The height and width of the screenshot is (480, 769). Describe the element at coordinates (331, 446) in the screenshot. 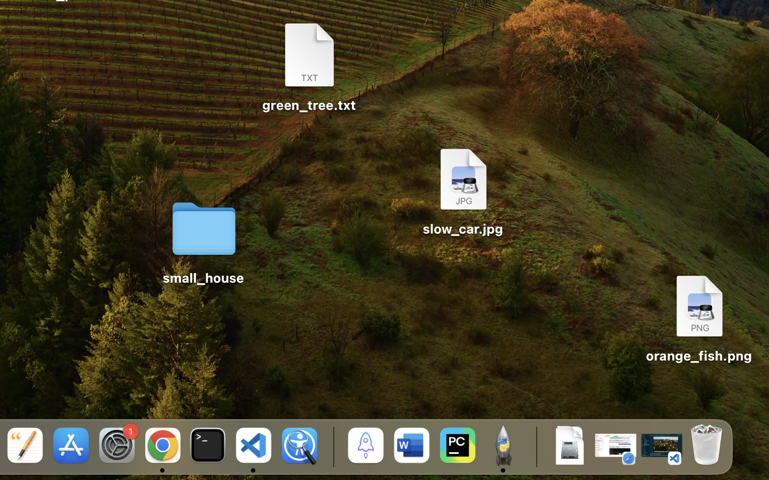

I see `'0.4285714328289032'` at that location.